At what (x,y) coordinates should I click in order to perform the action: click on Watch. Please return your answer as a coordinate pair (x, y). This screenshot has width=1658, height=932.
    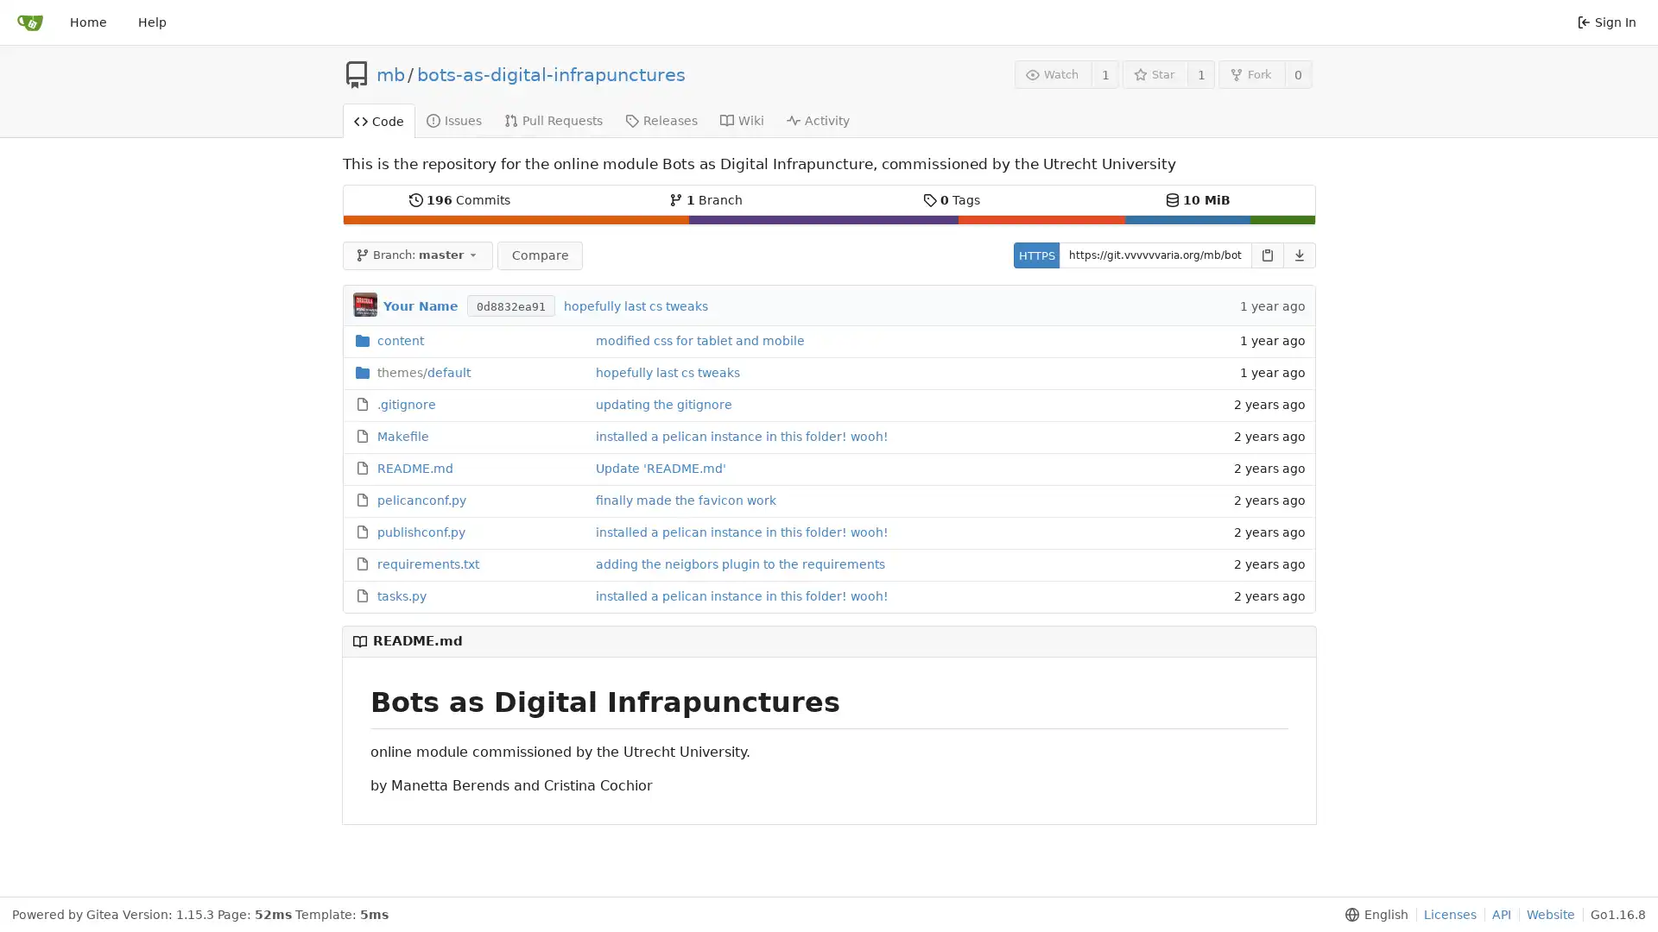
    Looking at the image, I should click on (1052, 73).